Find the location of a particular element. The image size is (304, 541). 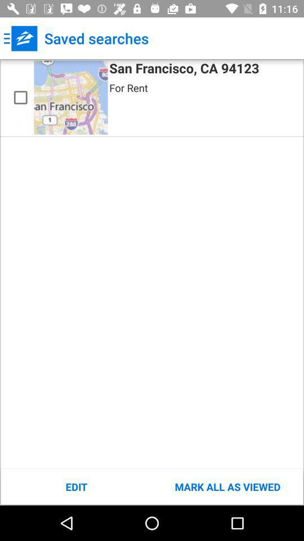

the item next to edit is located at coordinates (227, 486).